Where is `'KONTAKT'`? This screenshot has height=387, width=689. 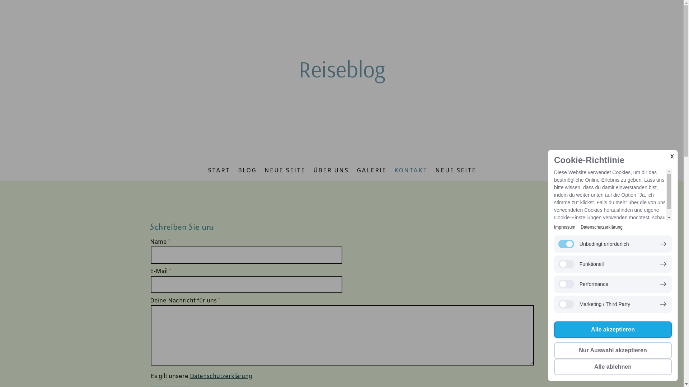
'KONTAKT' is located at coordinates (411, 171).